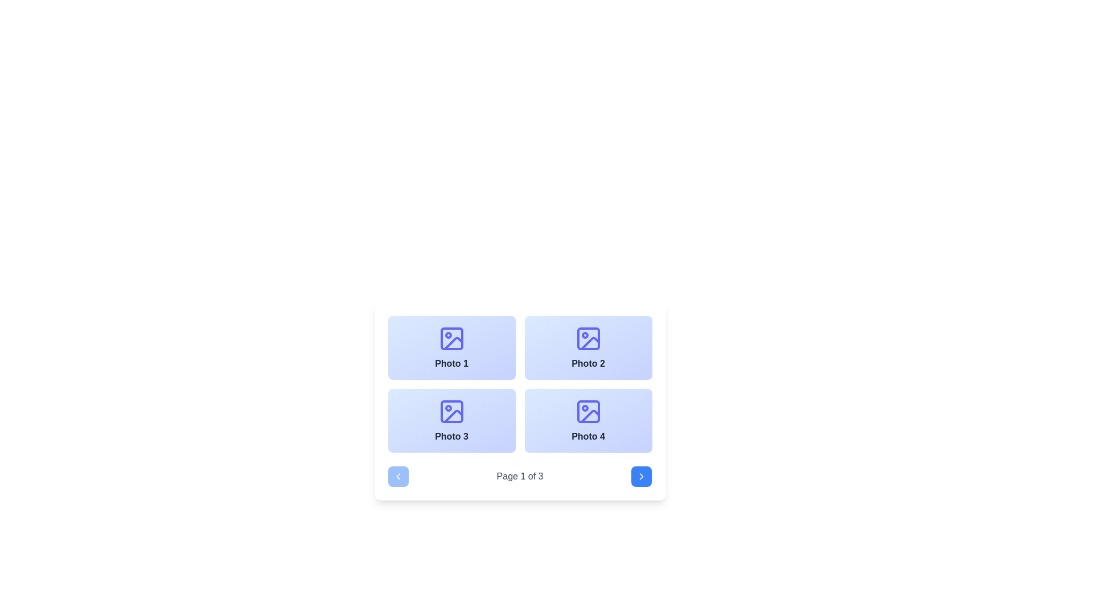 The height and width of the screenshot is (615, 1093). Describe the element at coordinates (451, 411) in the screenshot. I see `the image icon located in the 'Photo 3' cell of the second row and first column in the grid layout` at that location.